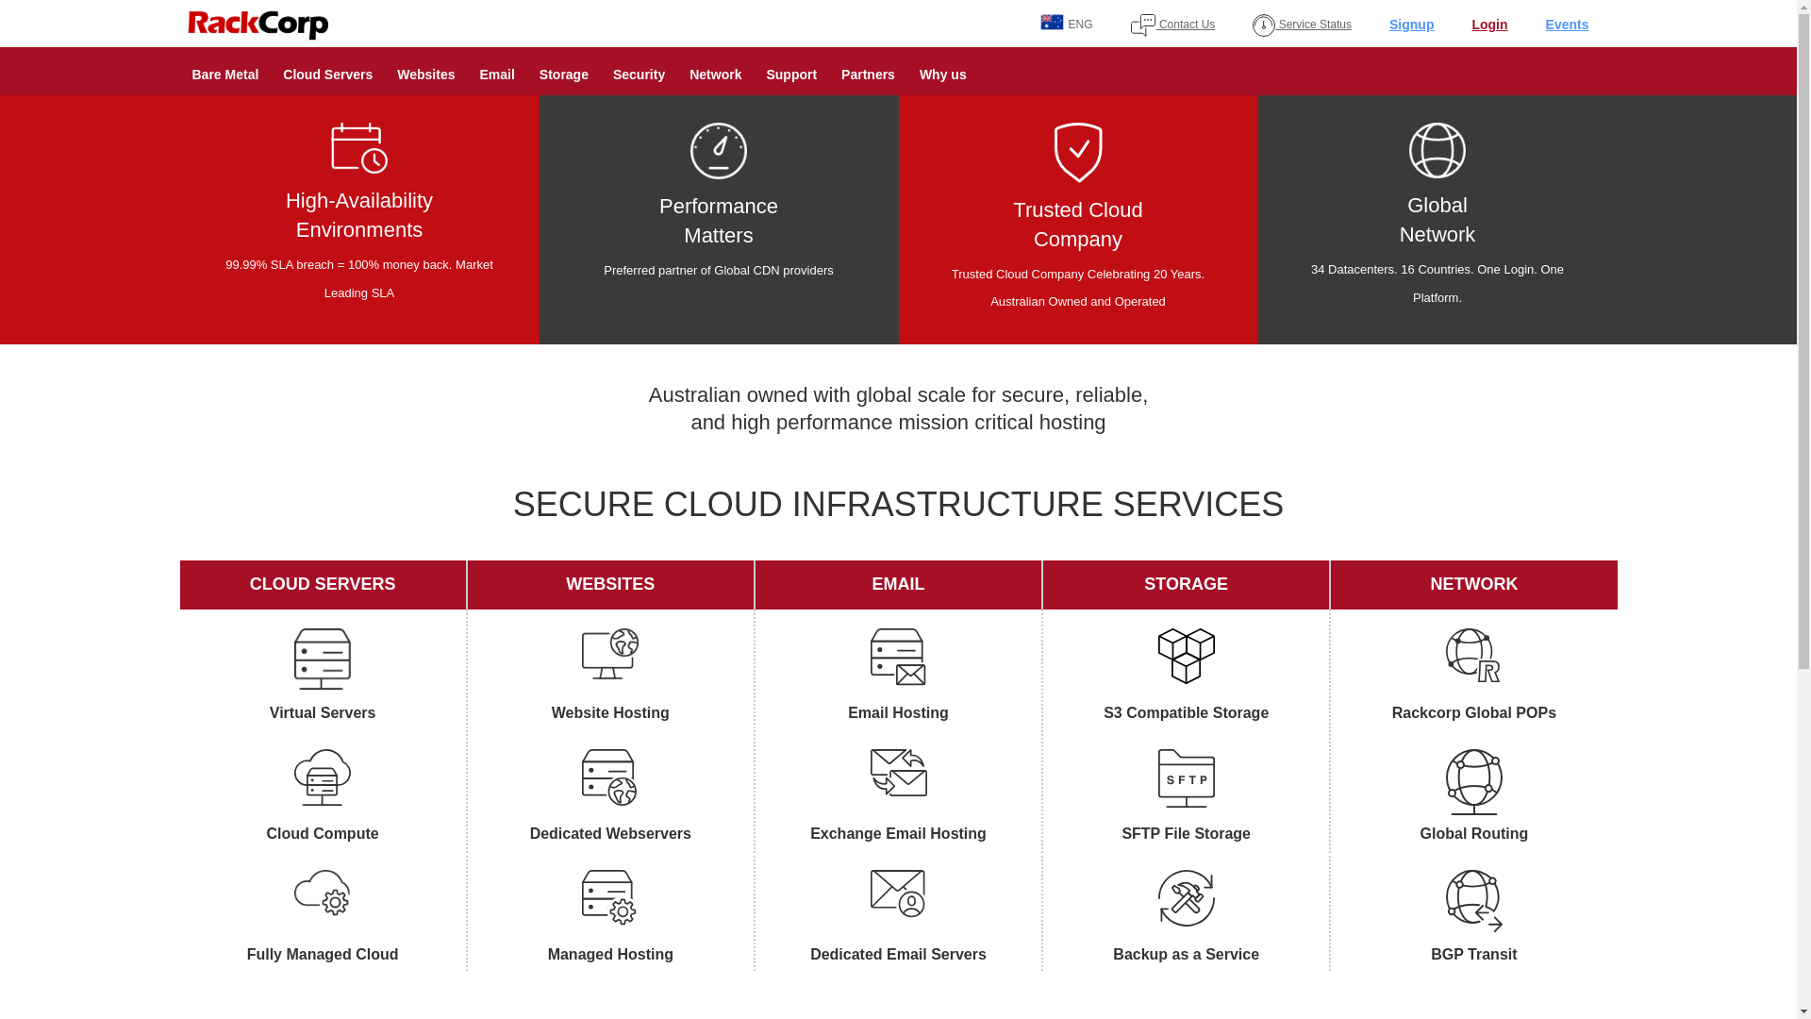 The height and width of the screenshot is (1019, 1811). Describe the element at coordinates (1142, 25) in the screenshot. I see `'contact_us'` at that location.